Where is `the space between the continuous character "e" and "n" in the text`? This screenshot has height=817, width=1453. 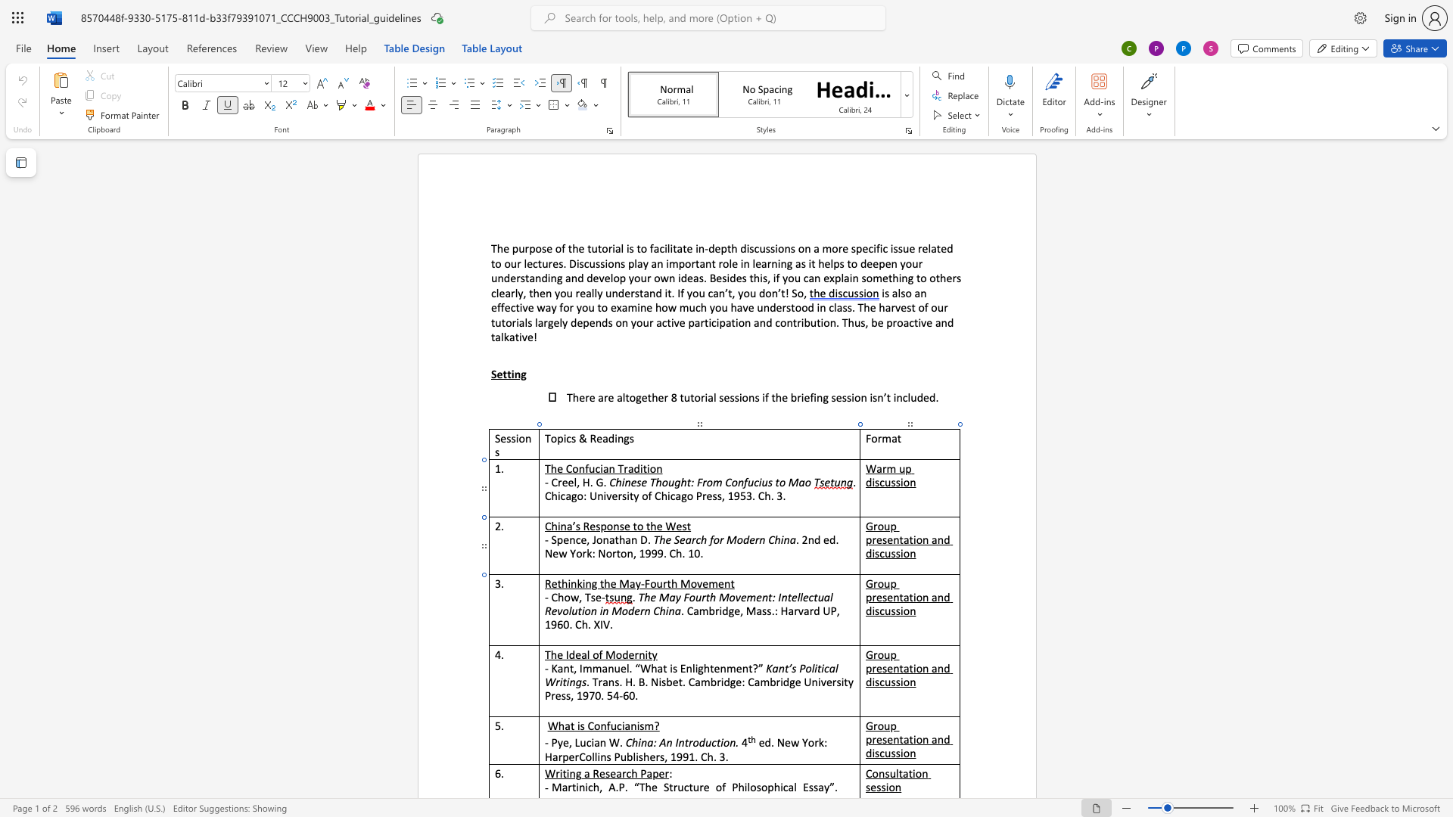
the space between the continuous character "e" and "n" in the text is located at coordinates (568, 539).